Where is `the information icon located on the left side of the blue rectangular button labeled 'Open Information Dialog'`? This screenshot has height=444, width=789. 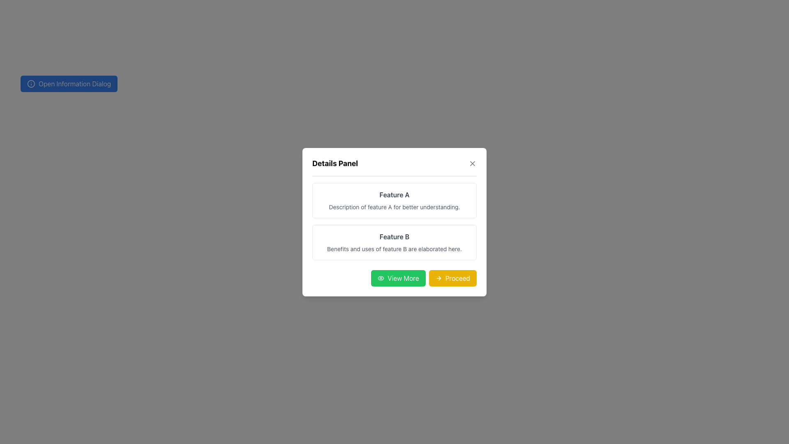
the information icon located on the left side of the blue rectangular button labeled 'Open Information Dialog' is located at coordinates (31, 84).